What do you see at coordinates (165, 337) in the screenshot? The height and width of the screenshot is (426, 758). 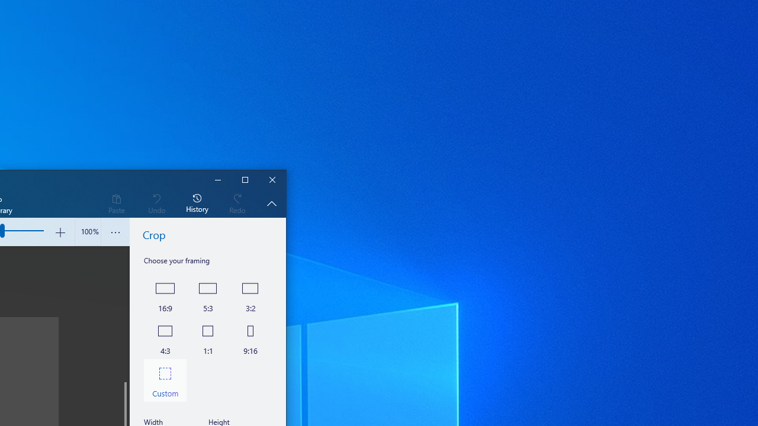 I see `'4 by 3'` at bounding box center [165, 337].